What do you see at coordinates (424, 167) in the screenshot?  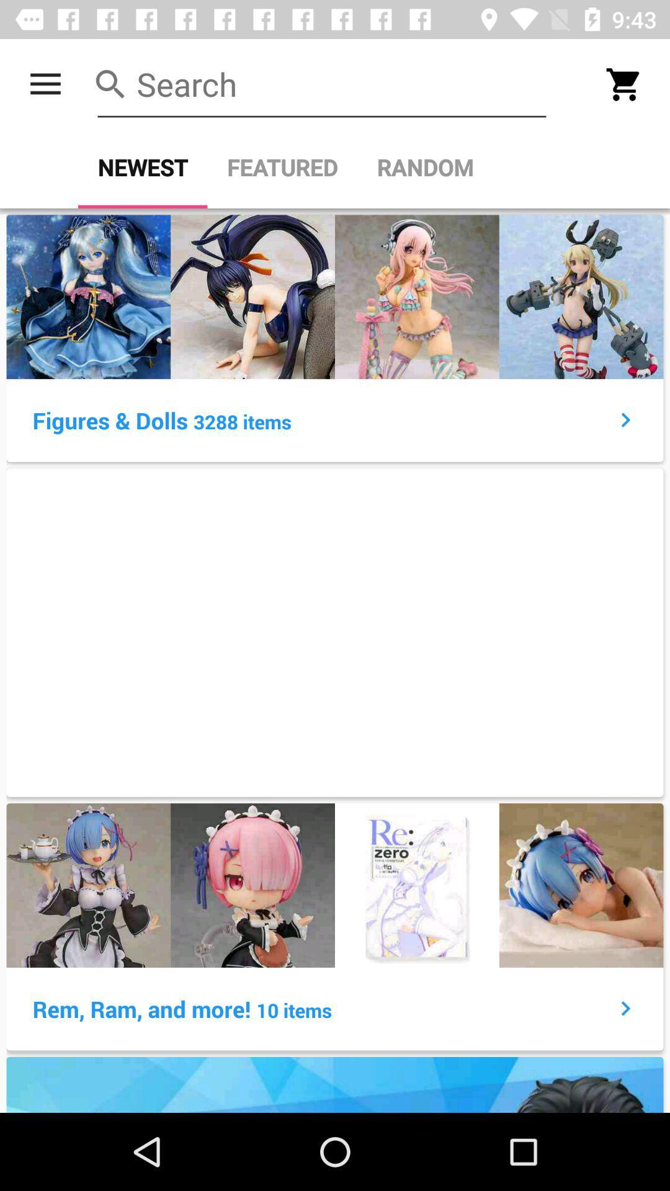 I see `the random icon` at bounding box center [424, 167].